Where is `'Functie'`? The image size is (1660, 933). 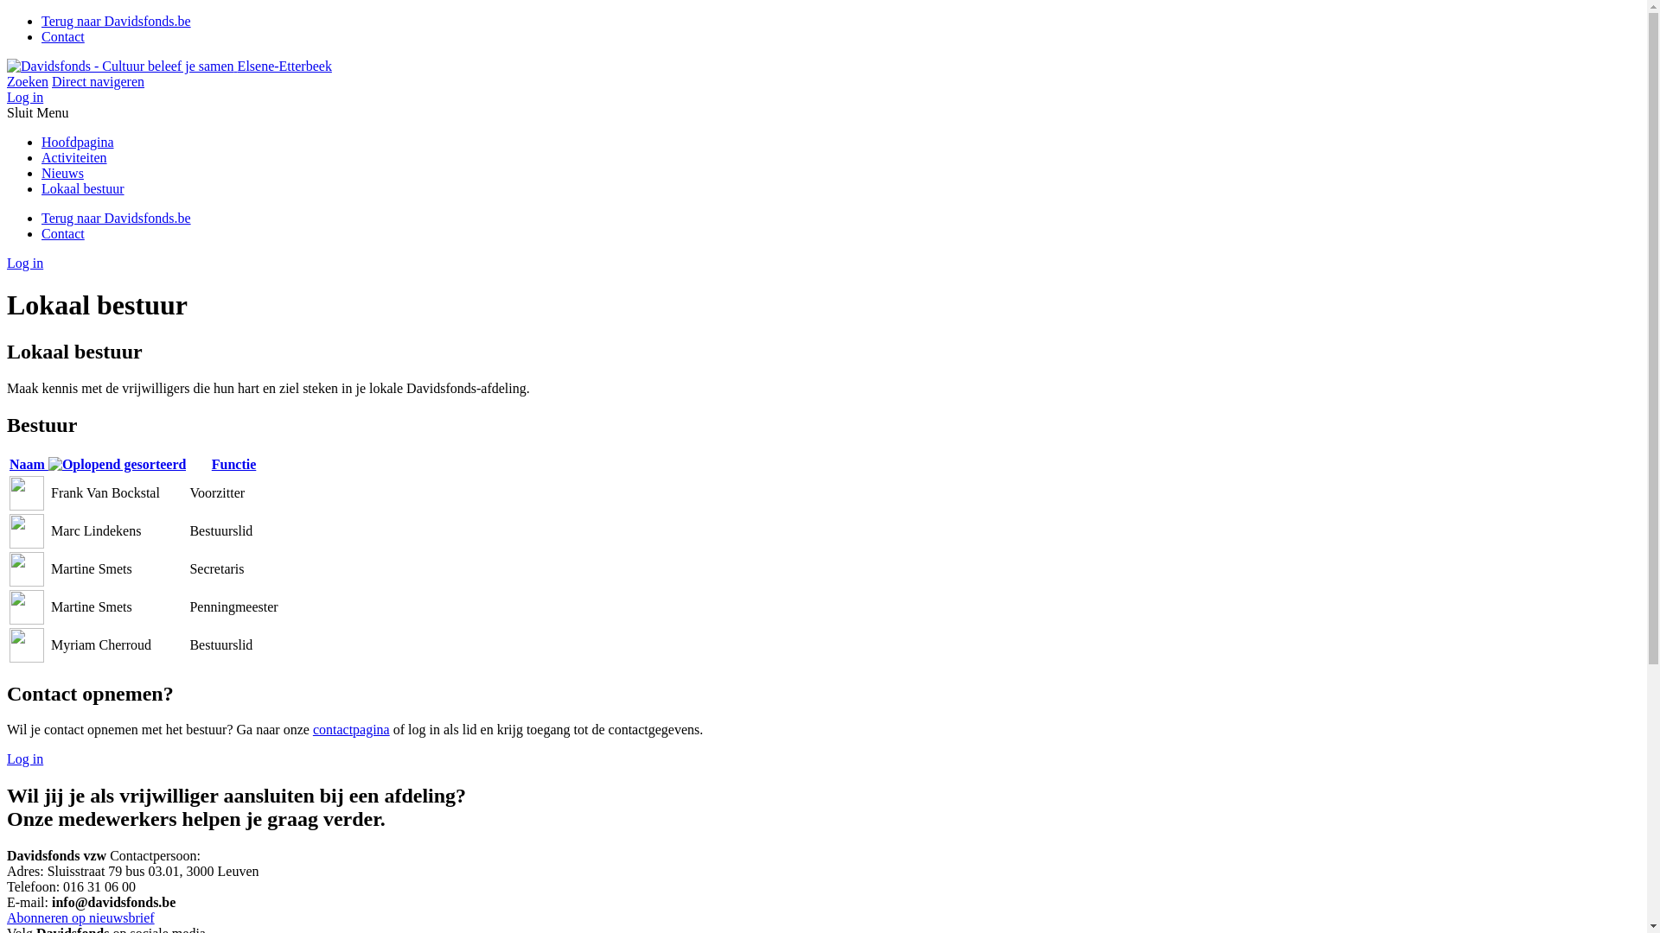 'Functie' is located at coordinates (233, 463).